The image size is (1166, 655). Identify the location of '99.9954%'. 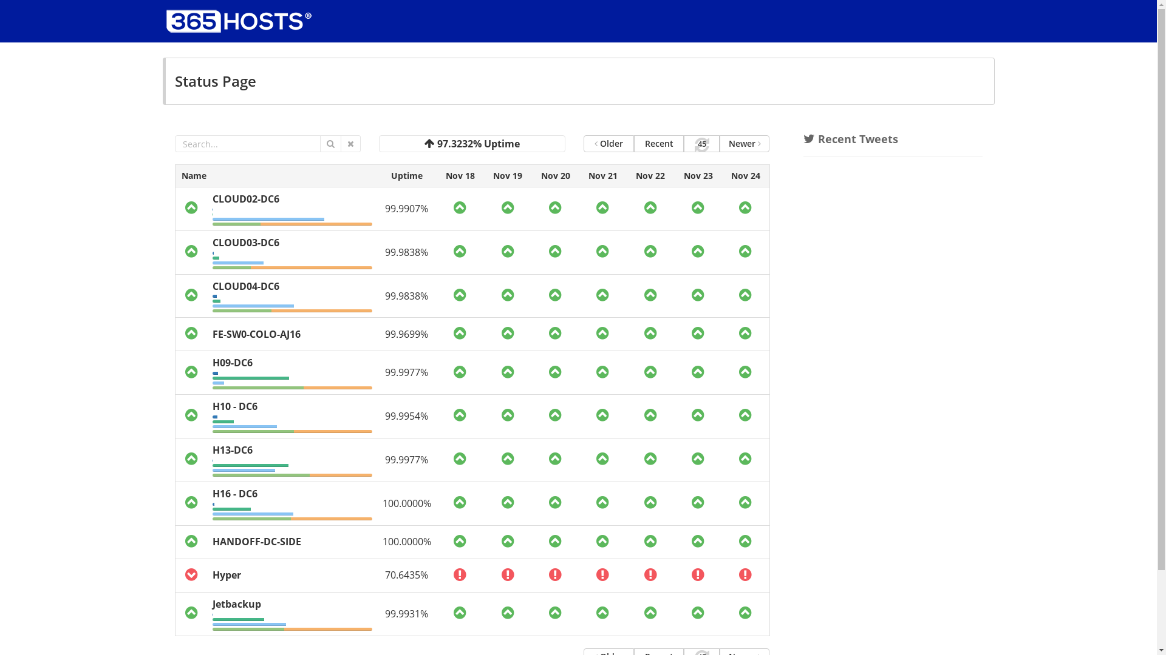
(406, 415).